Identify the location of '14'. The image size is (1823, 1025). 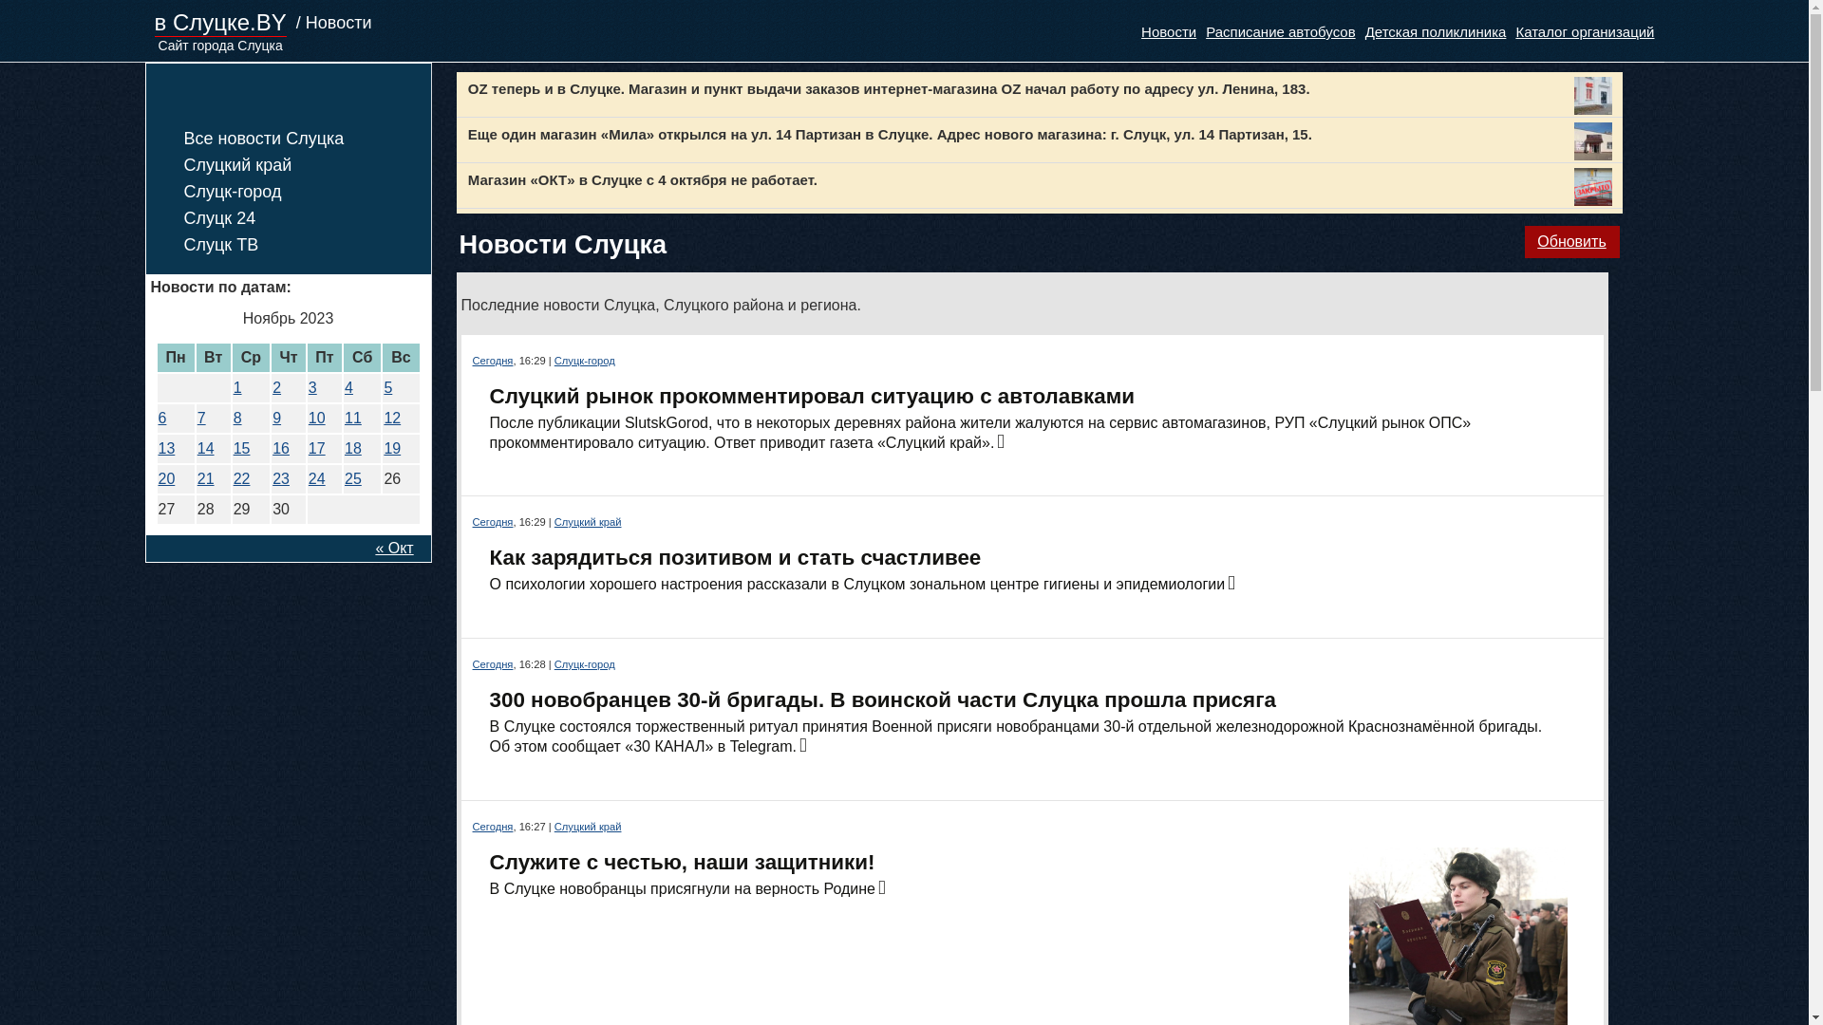
(205, 448).